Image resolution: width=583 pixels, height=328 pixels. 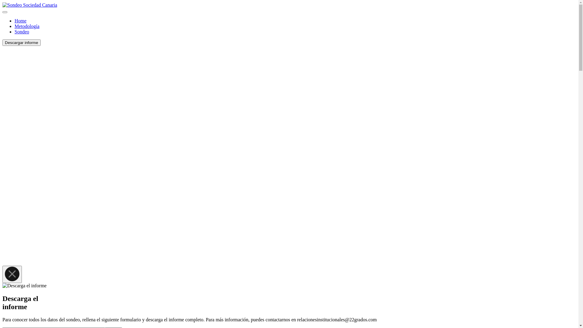 What do you see at coordinates (22, 32) in the screenshot?
I see `'Sondeo'` at bounding box center [22, 32].